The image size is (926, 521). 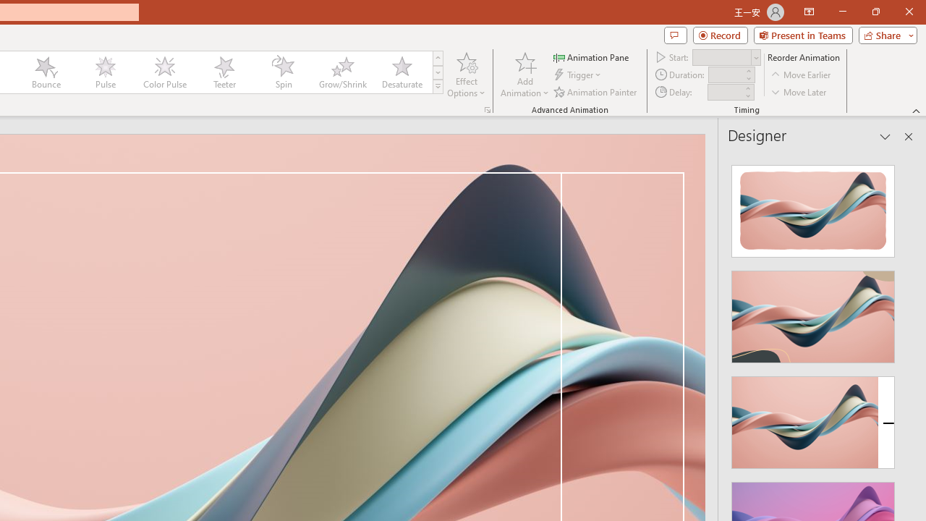 What do you see at coordinates (579, 75) in the screenshot?
I see `'Trigger'` at bounding box center [579, 75].